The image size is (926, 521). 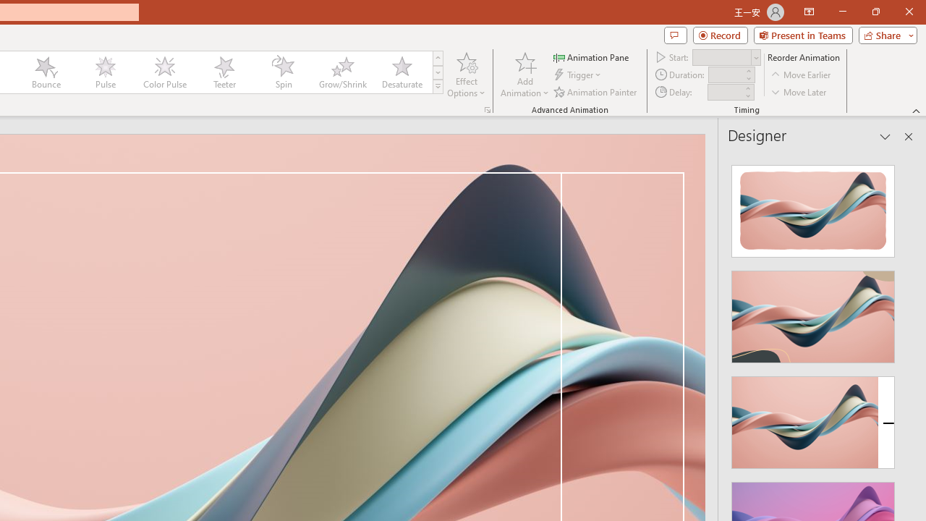 What do you see at coordinates (579, 75) in the screenshot?
I see `'Trigger'` at bounding box center [579, 75].